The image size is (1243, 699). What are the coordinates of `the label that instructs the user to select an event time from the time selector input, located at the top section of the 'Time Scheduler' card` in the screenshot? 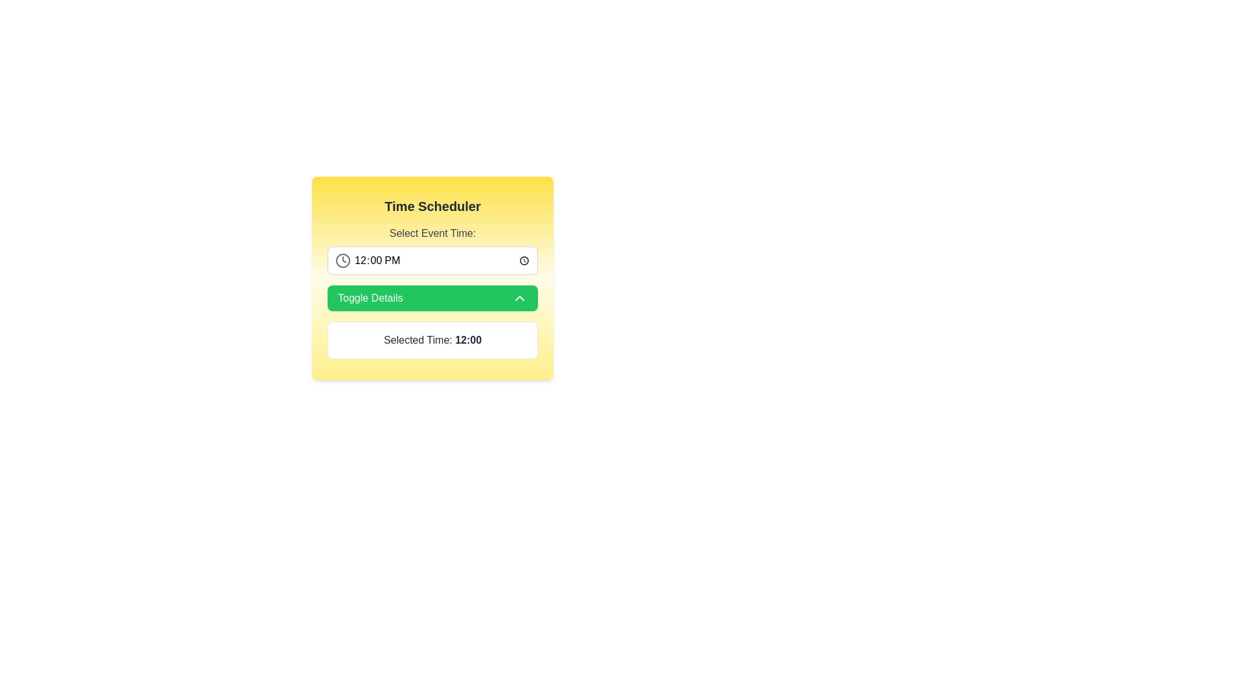 It's located at (432, 250).